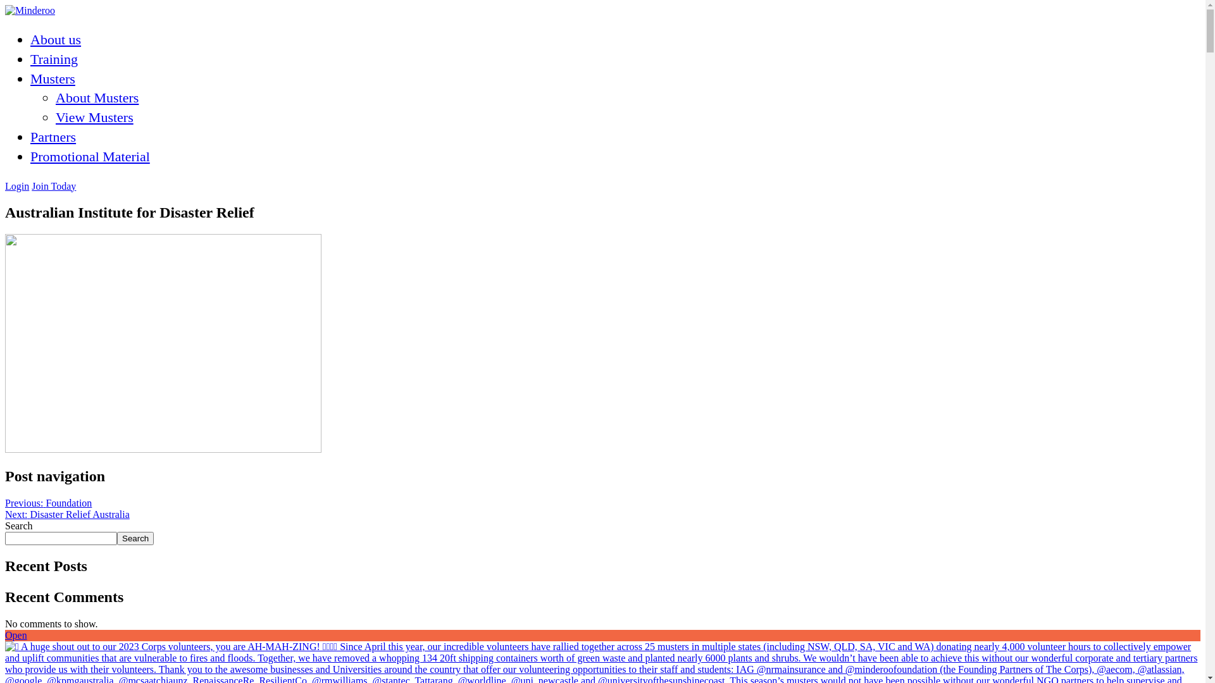  What do you see at coordinates (135, 538) in the screenshot?
I see `'Search'` at bounding box center [135, 538].